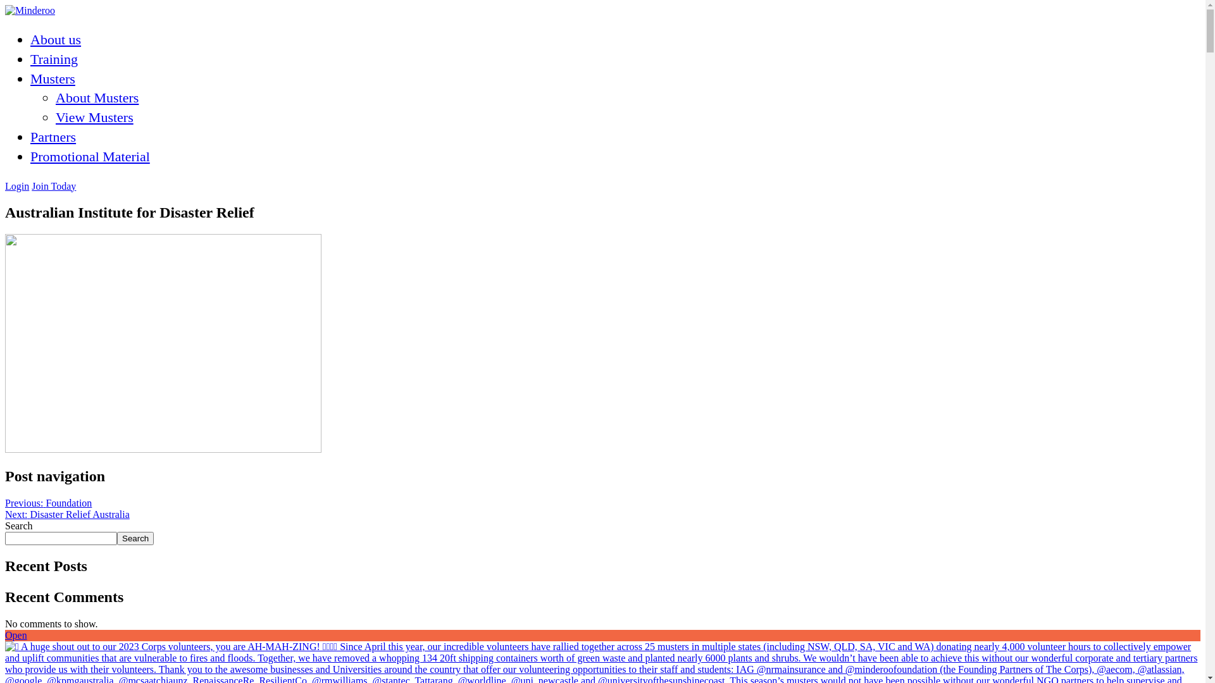  What do you see at coordinates (135, 538) in the screenshot?
I see `'Search'` at bounding box center [135, 538].